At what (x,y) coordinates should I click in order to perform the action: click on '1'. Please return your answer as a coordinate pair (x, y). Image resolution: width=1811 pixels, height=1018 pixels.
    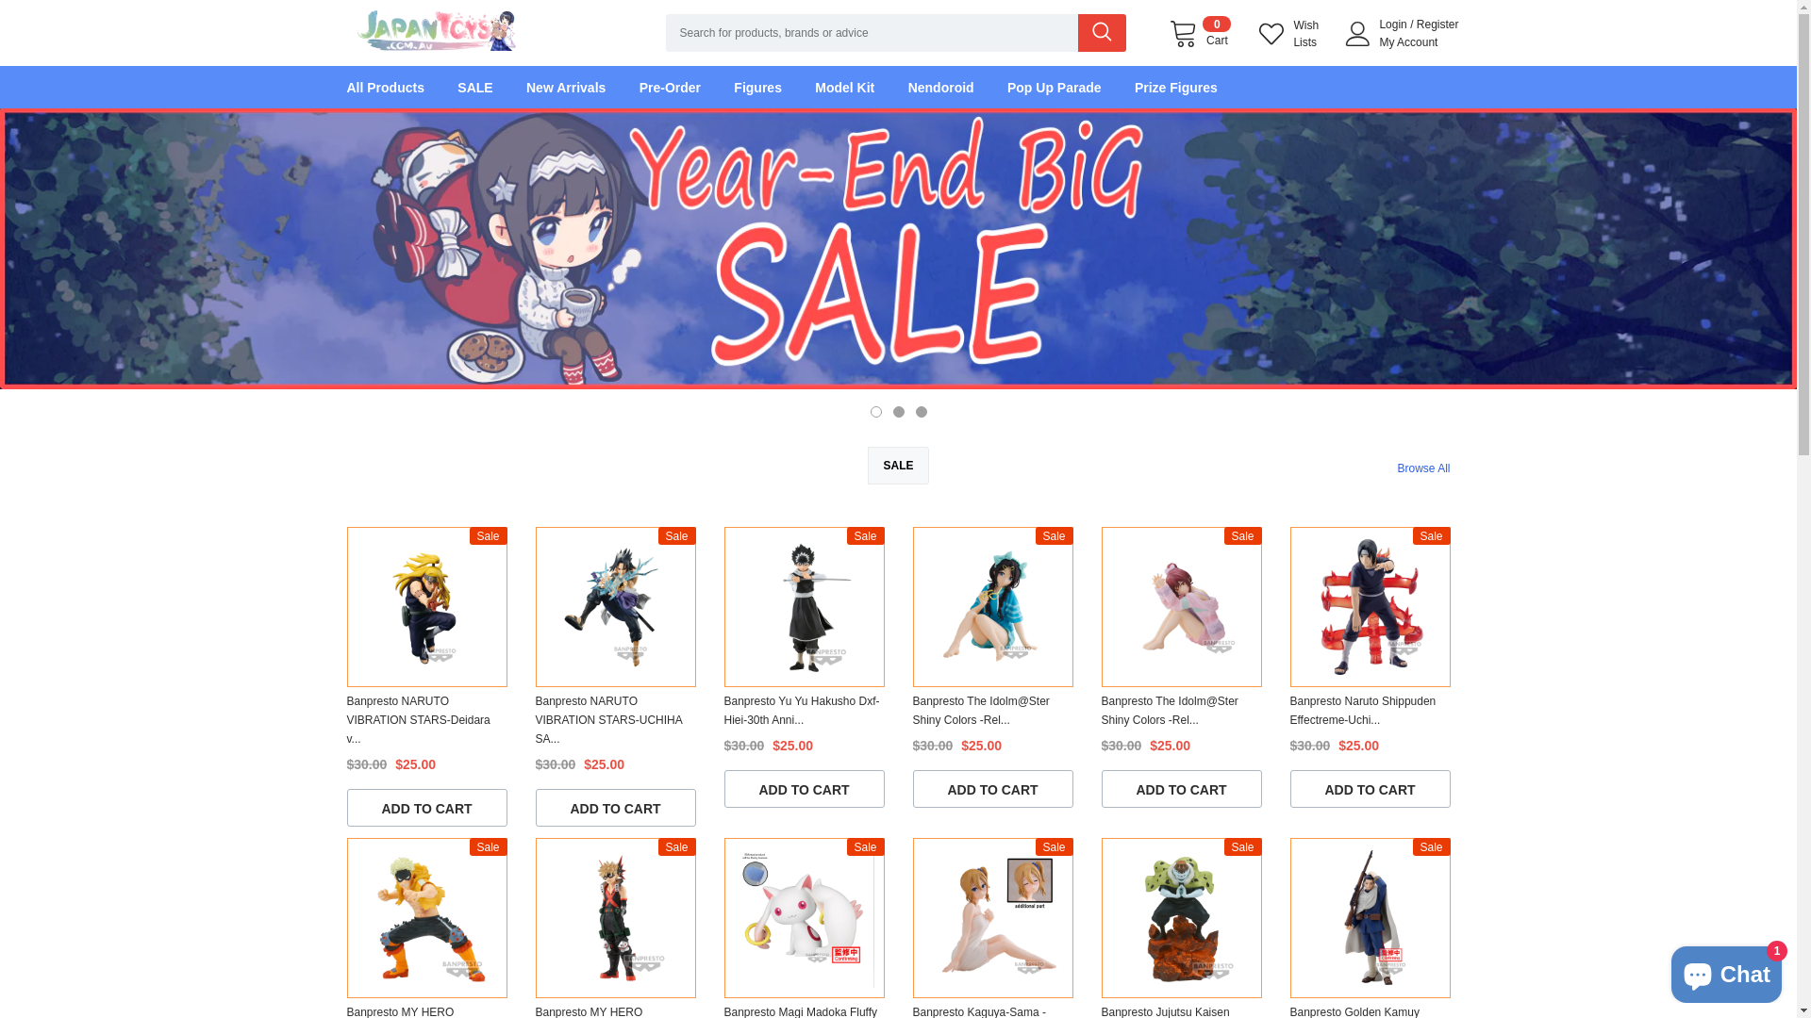
    Looking at the image, I should click on (873, 410).